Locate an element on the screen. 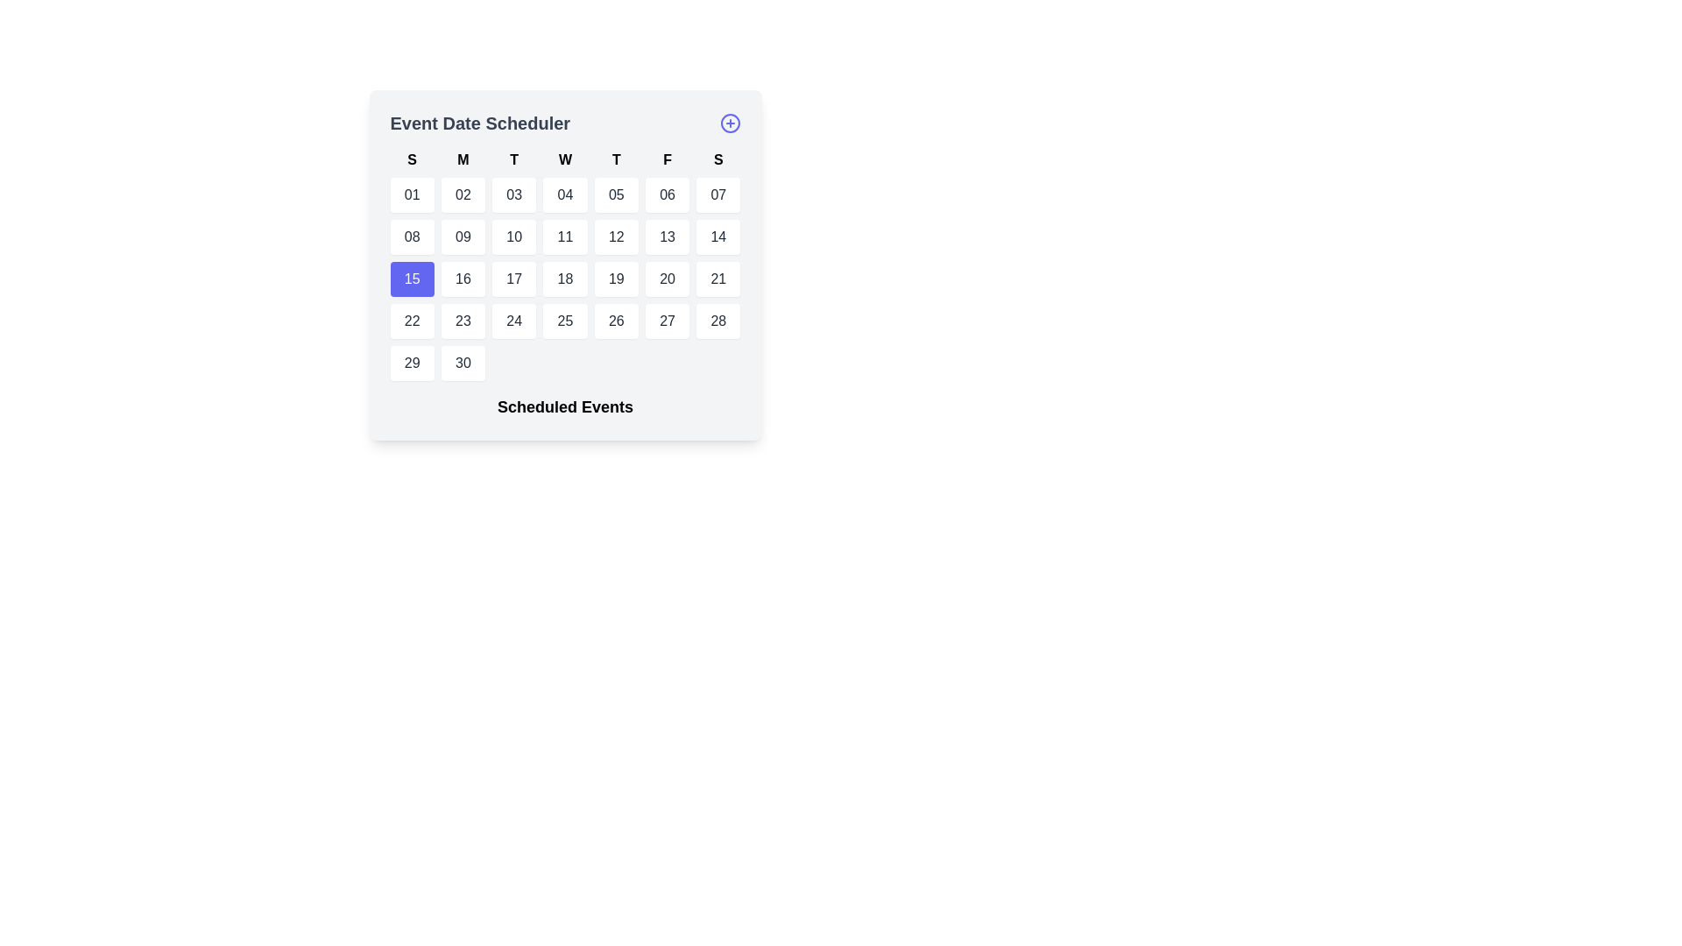 The height and width of the screenshot is (946, 1682). the bolded letter 'T' in the header of the Event Date Scheduler calendar layout, which represents Tuesday is located at coordinates (616, 159).